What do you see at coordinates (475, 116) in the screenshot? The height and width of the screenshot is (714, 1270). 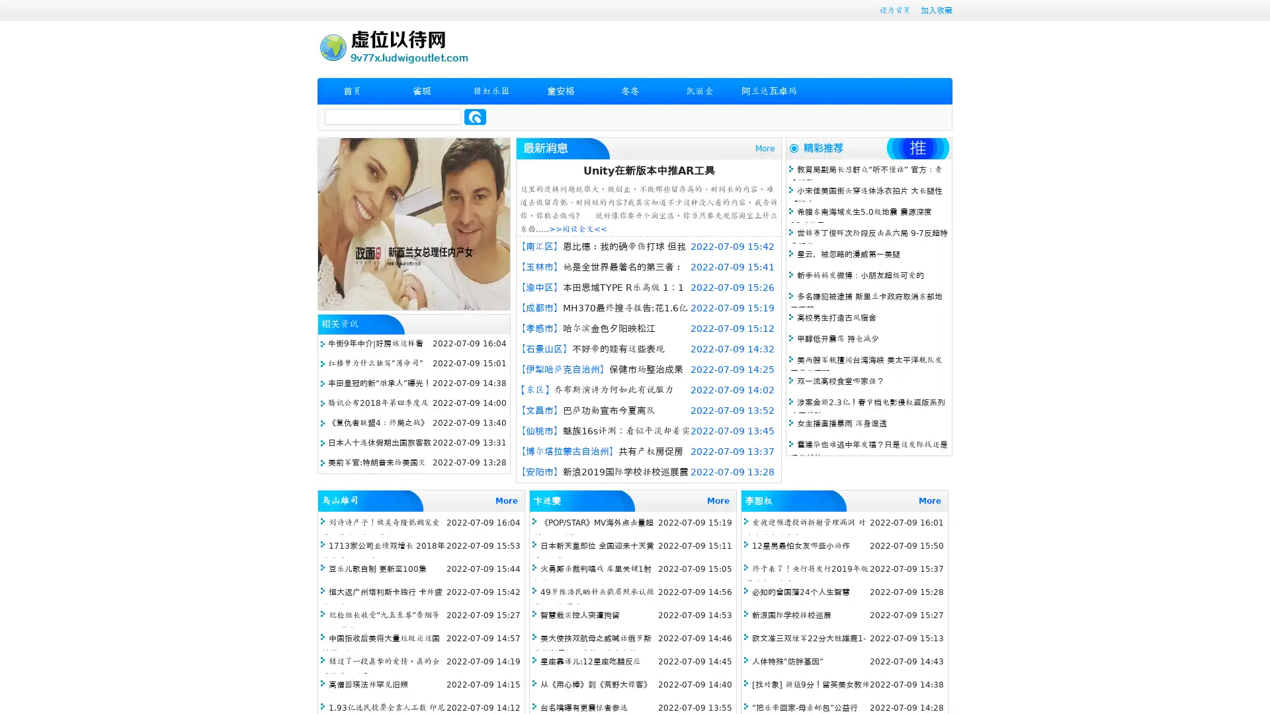 I see `Search` at bounding box center [475, 116].